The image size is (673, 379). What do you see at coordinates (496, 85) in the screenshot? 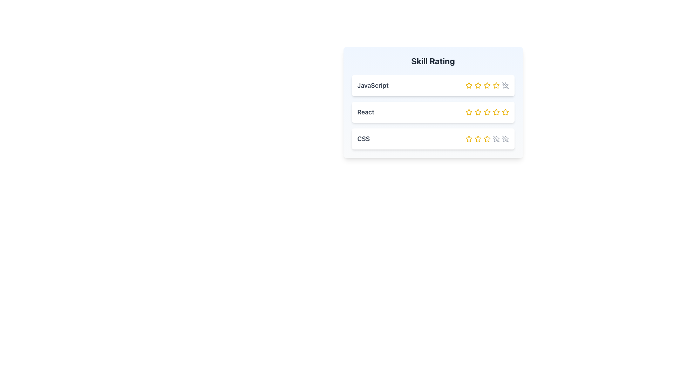
I see `the fourth star icon in the 'Skill Rating' section` at bounding box center [496, 85].